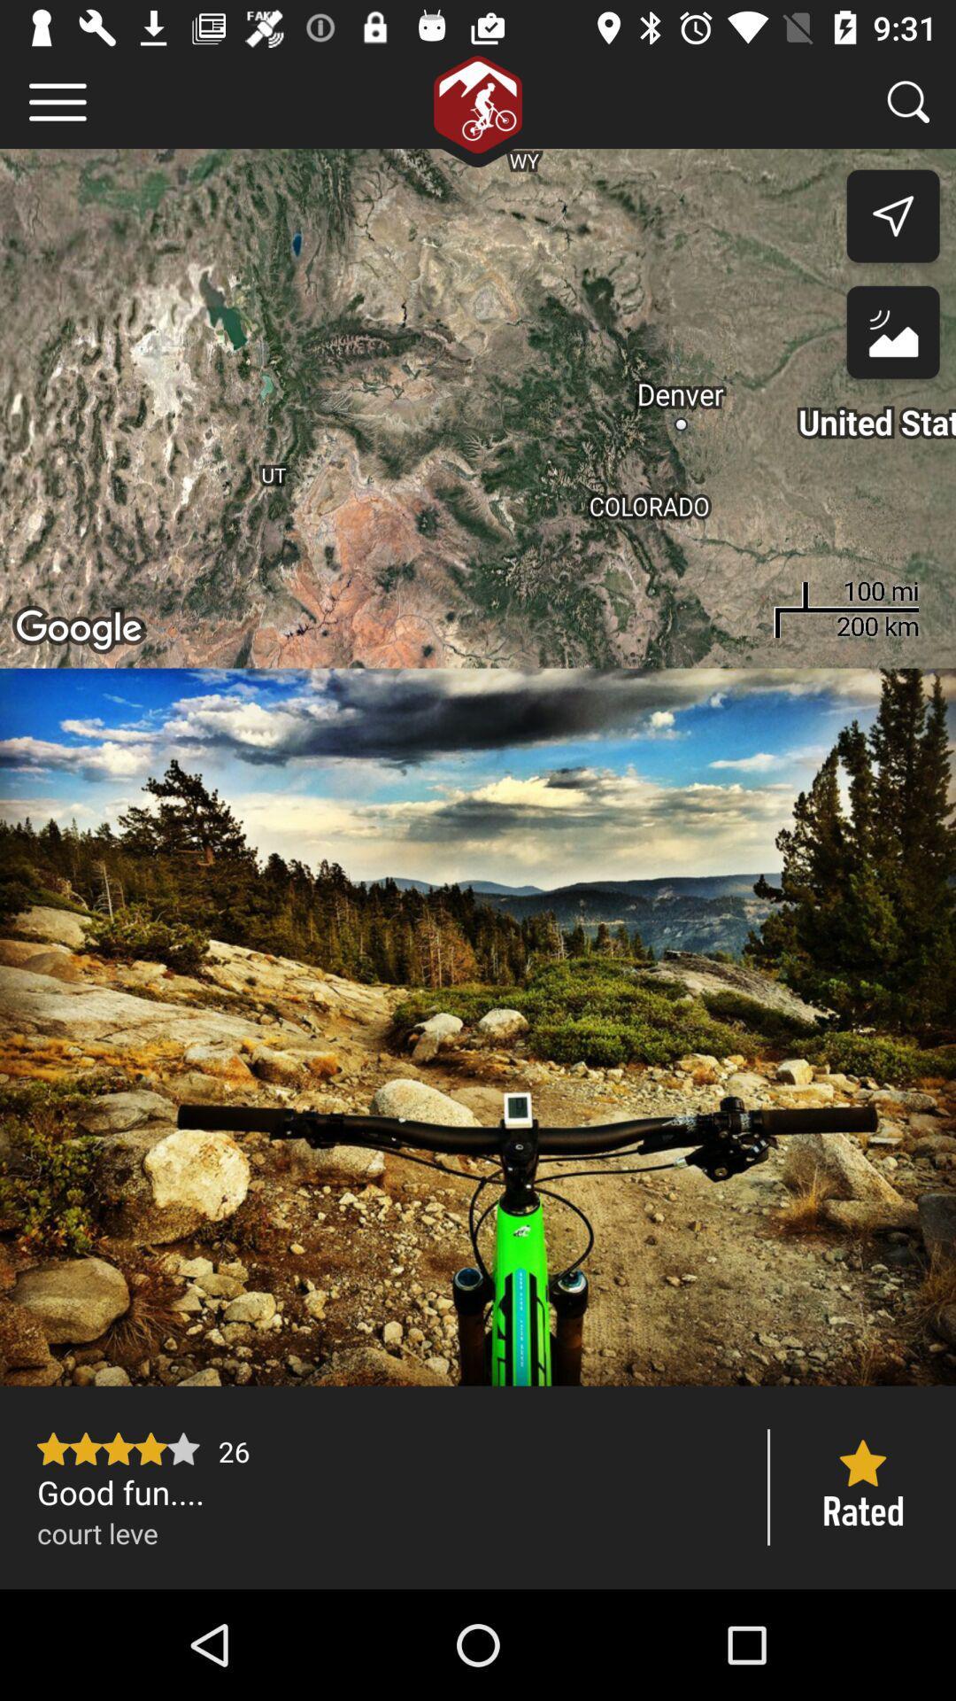 This screenshot has width=956, height=1701. What do you see at coordinates (478, 1027) in the screenshot?
I see `open trail view` at bounding box center [478, 1027].